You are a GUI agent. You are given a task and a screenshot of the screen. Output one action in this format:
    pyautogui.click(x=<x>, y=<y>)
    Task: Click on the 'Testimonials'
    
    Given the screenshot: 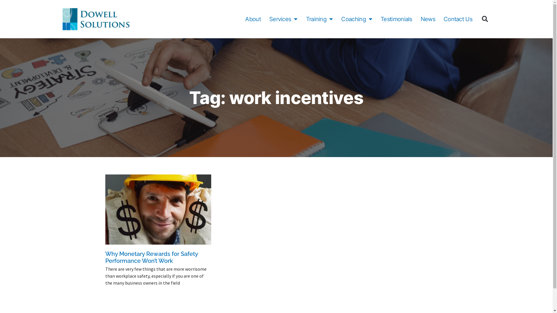 What is the action you would take?
    pyautogui.click(x=396, y=19)
    